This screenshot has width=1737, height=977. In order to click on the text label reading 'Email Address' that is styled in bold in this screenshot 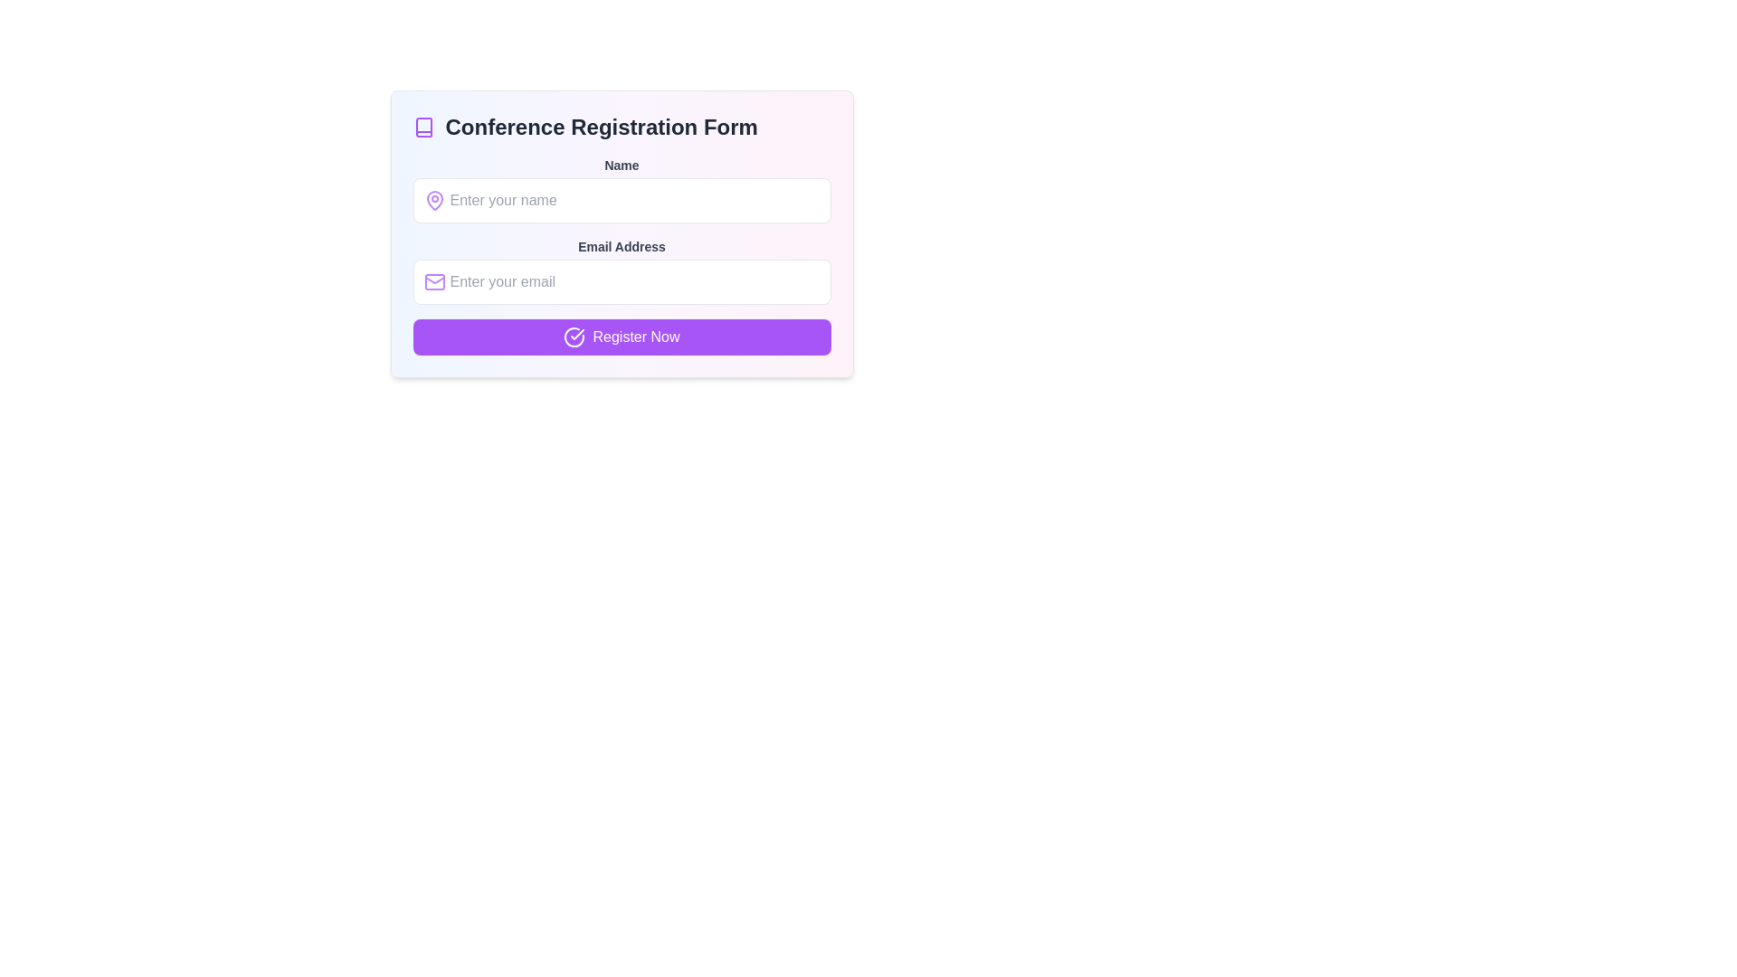, I will do `click(622, 247)`.